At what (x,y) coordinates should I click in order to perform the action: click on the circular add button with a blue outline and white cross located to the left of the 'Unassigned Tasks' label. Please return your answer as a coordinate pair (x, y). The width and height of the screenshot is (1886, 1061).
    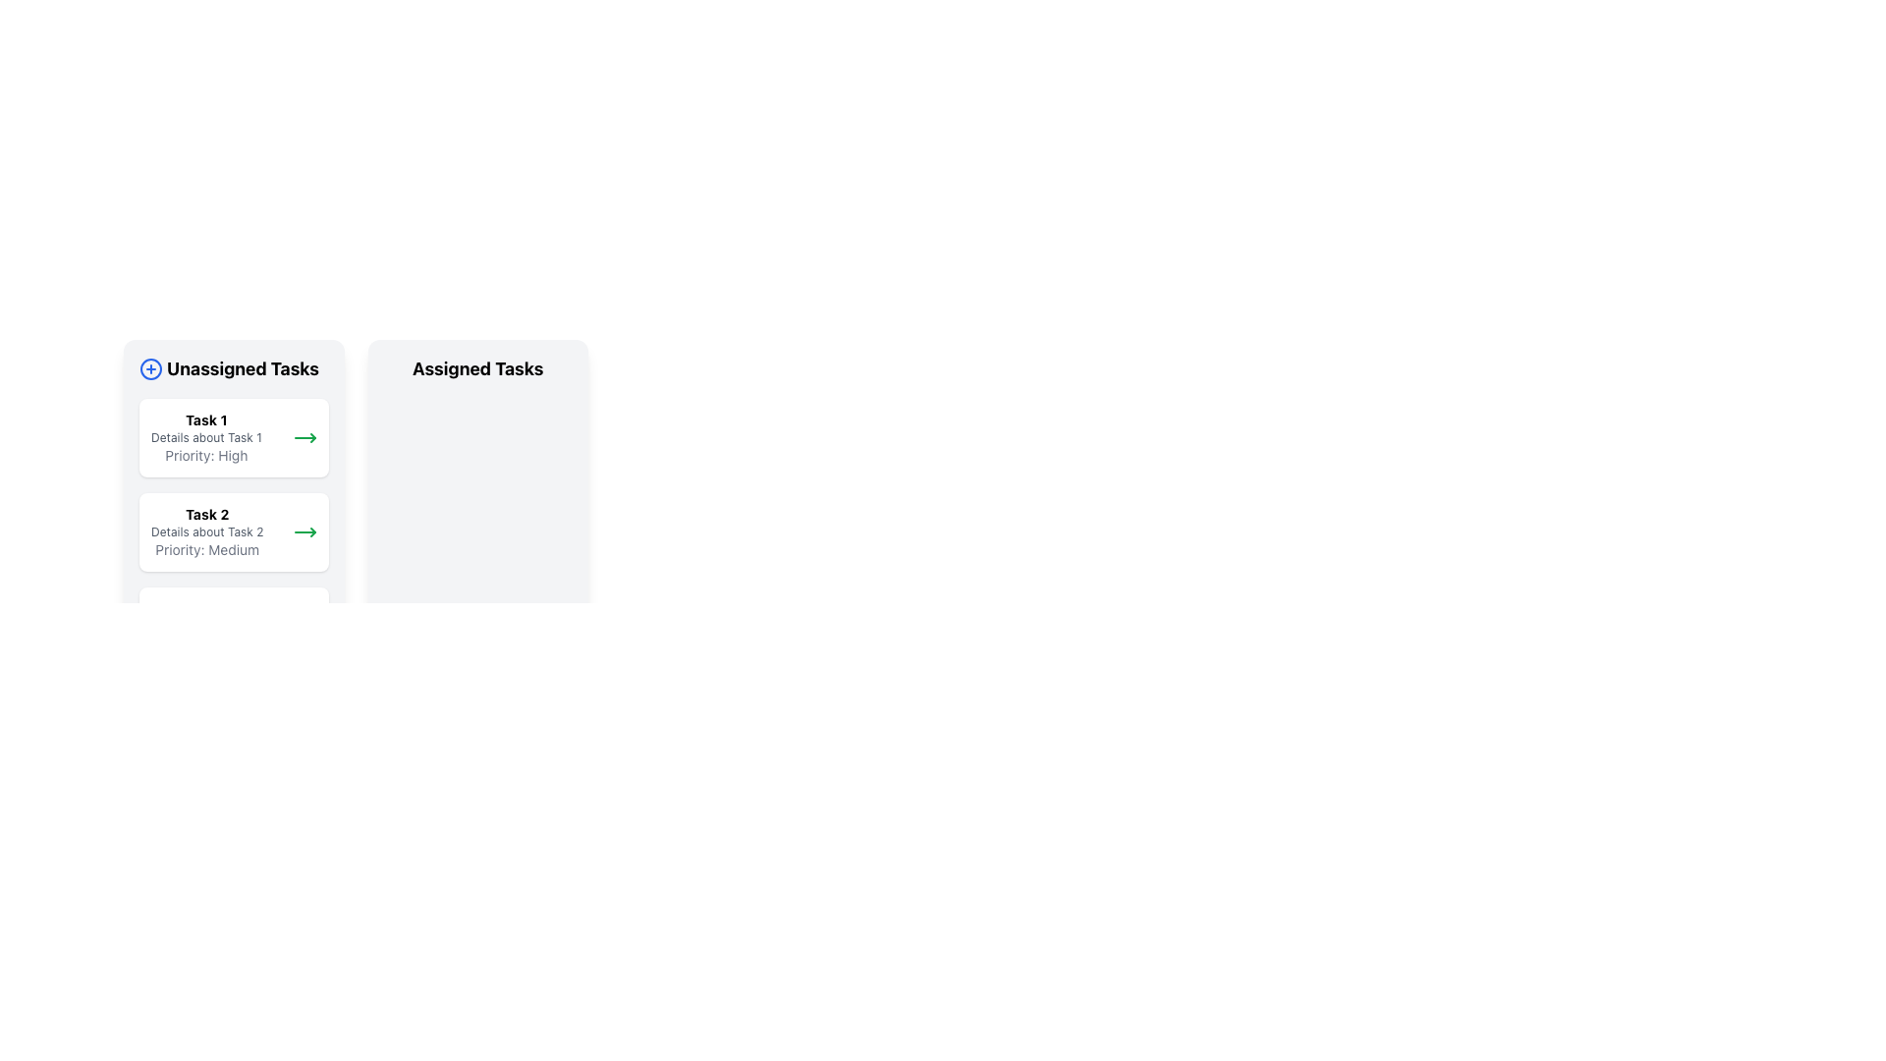
    Looking at the image, I should click on (149, 368).